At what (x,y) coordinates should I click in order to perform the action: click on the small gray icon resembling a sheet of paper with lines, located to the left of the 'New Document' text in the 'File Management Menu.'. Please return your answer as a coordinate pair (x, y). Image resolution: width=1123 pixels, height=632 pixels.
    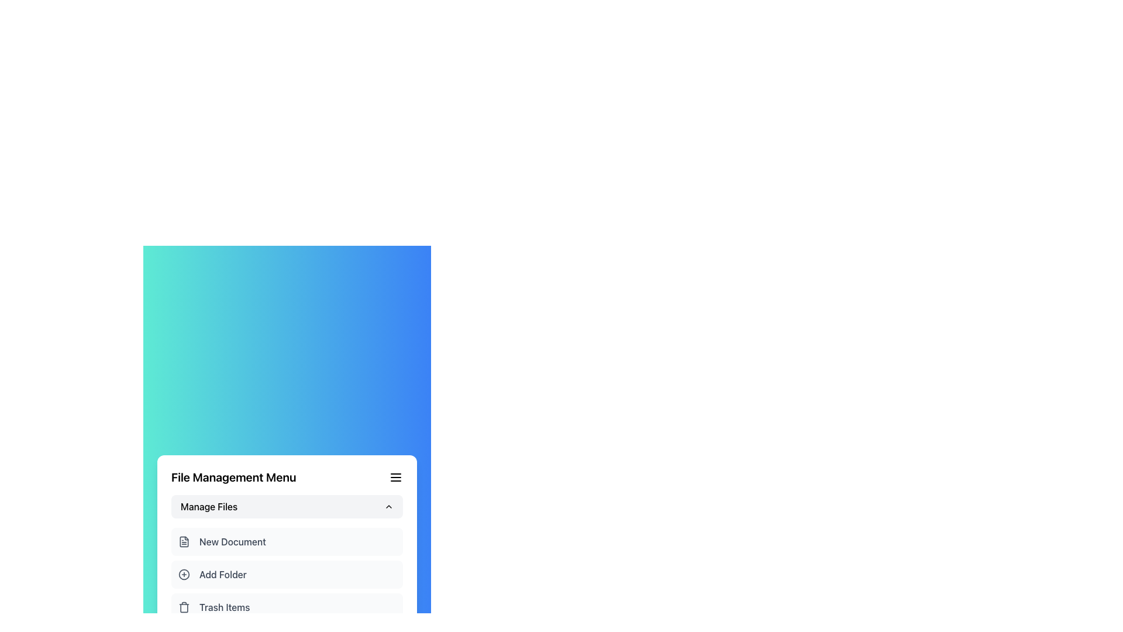
    Looking at the image, I should click on (184, 541).